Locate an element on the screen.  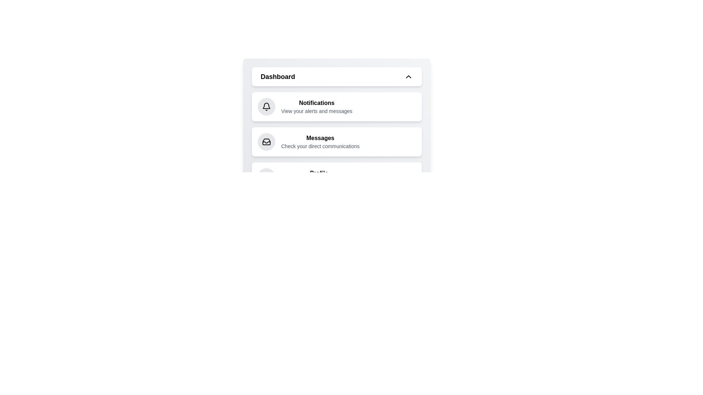
the icon associated with the menu item Profile is located at coordinates (266, 177).